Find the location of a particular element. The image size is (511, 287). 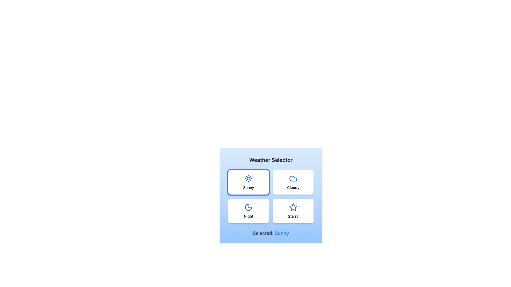

the star-shaped icon in the 'Weather Selector' interface is located at coordinates (293, 207).